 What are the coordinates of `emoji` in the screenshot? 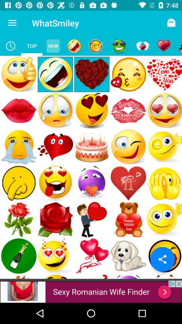 It's located at (178, 46).